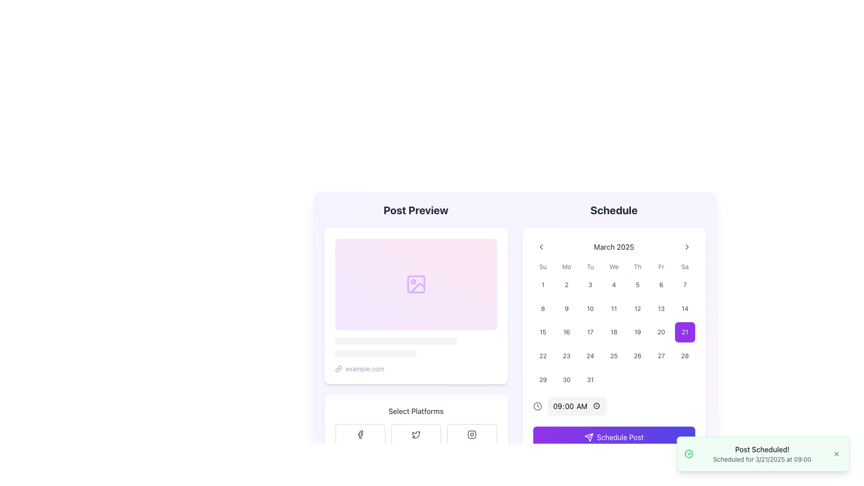 The height and width of the screenshot is (486, 864). Describe the element at coordinates (590, 332) in the screenshot. I see `the button representing the 17th day of March 2025` at that location.